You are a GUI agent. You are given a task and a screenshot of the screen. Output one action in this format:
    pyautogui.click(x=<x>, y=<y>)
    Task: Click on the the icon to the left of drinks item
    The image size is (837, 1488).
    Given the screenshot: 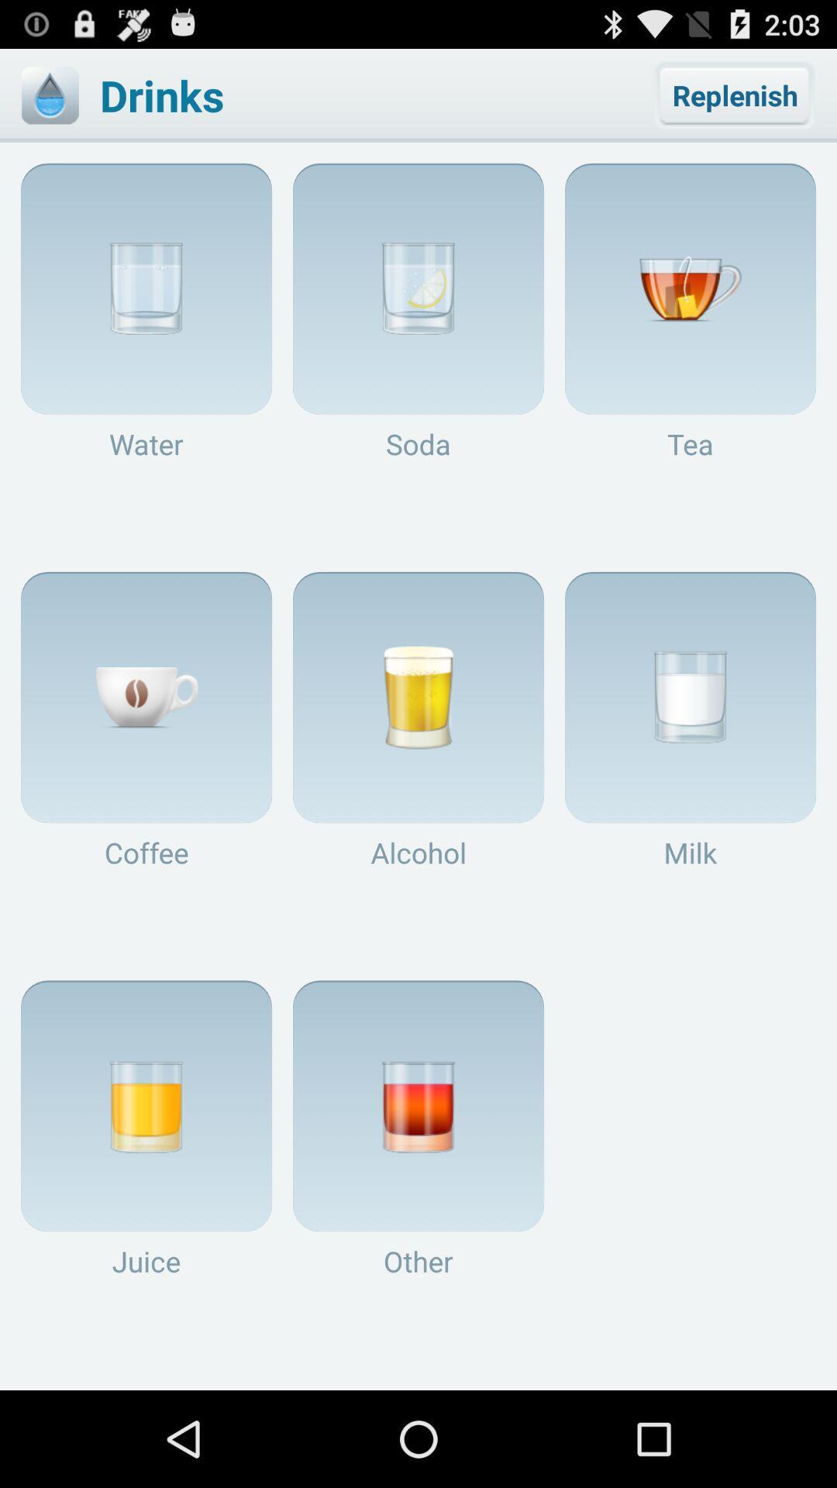 What is the action you would take?
    pyautogui.click(x=49, y=95)
    